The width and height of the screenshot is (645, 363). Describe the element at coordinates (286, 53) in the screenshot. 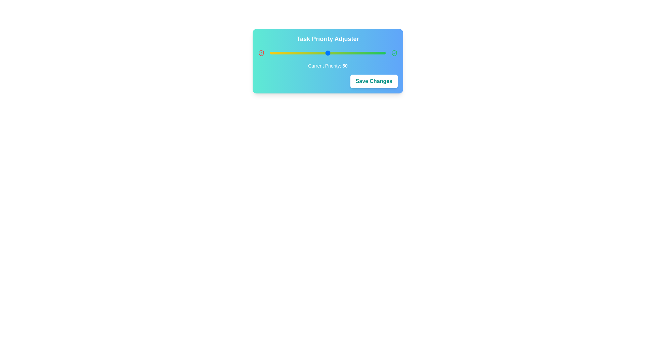

I see `the priority slider to 14 by clicking on the slider track` at that location.